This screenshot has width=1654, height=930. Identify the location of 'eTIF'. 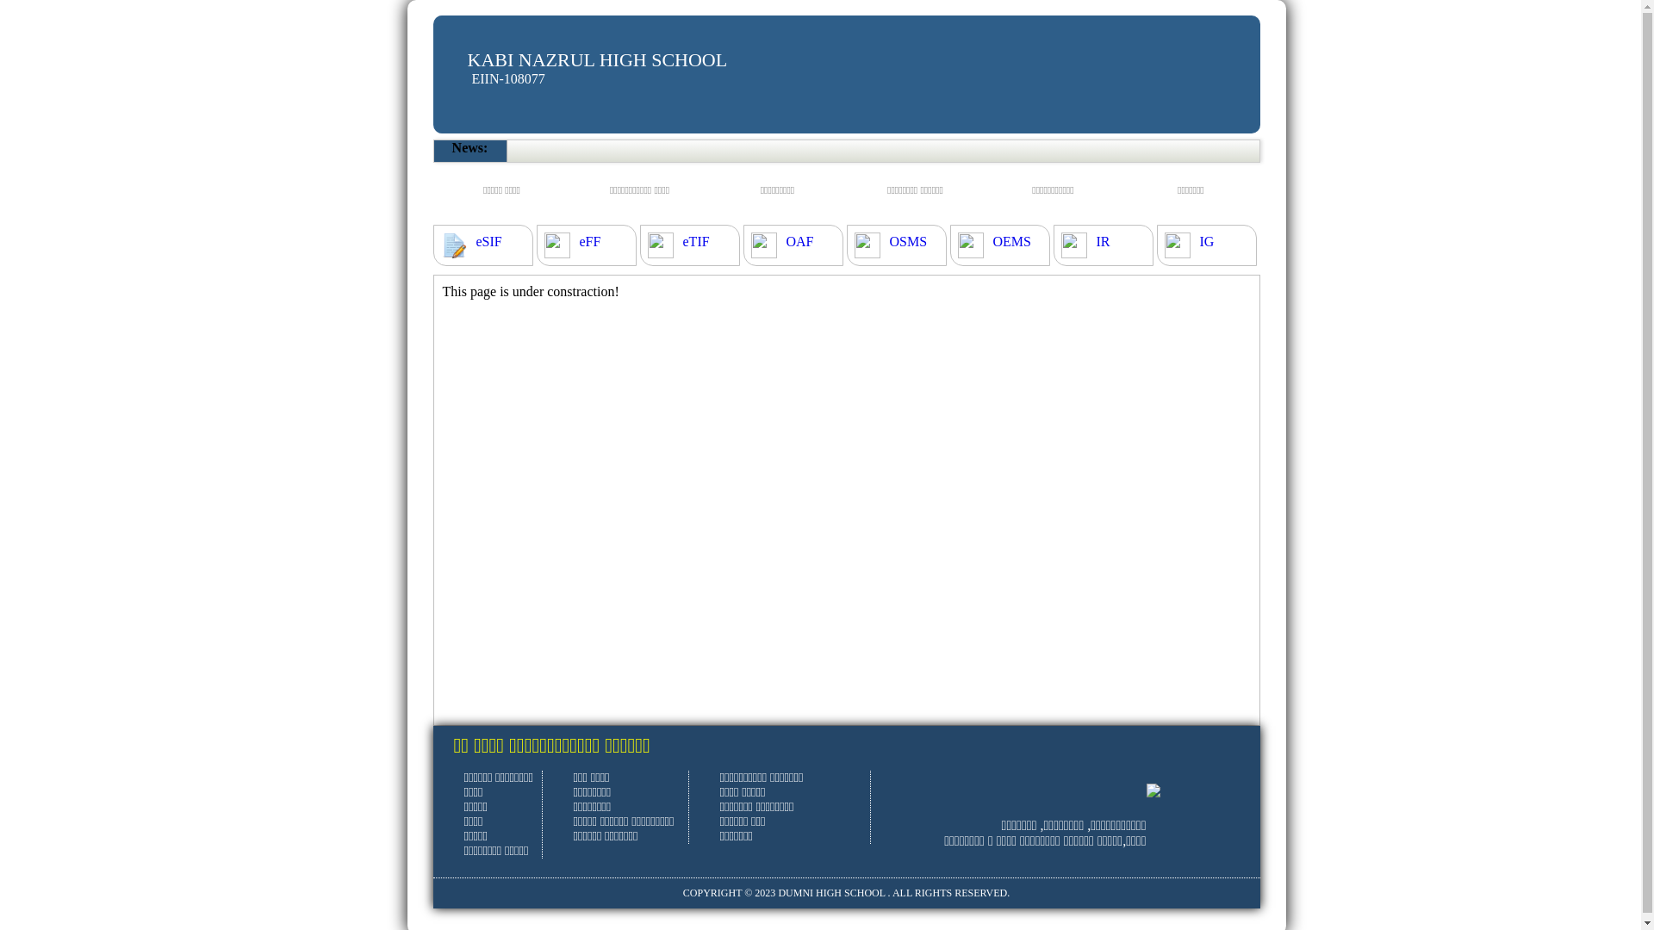
(695, 242).